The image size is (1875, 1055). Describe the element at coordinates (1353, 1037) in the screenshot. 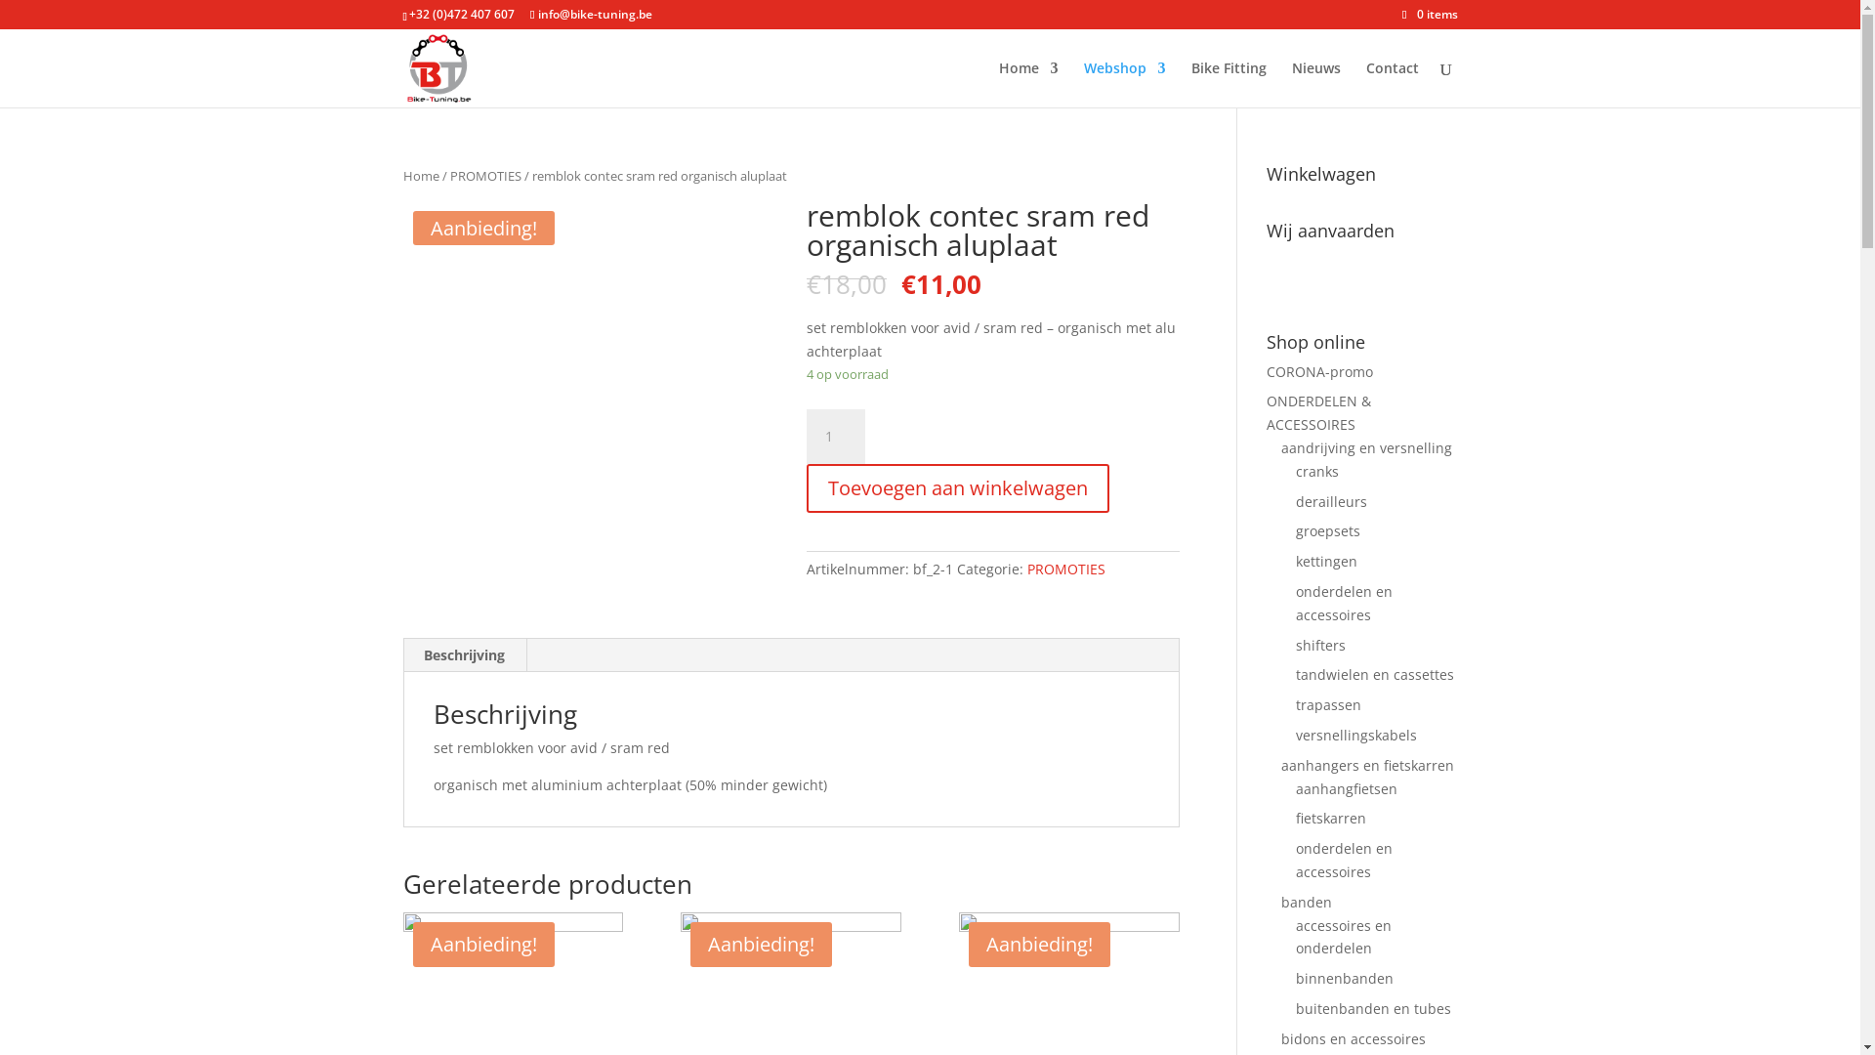

I see `'bidons en accessoires'` at that location.